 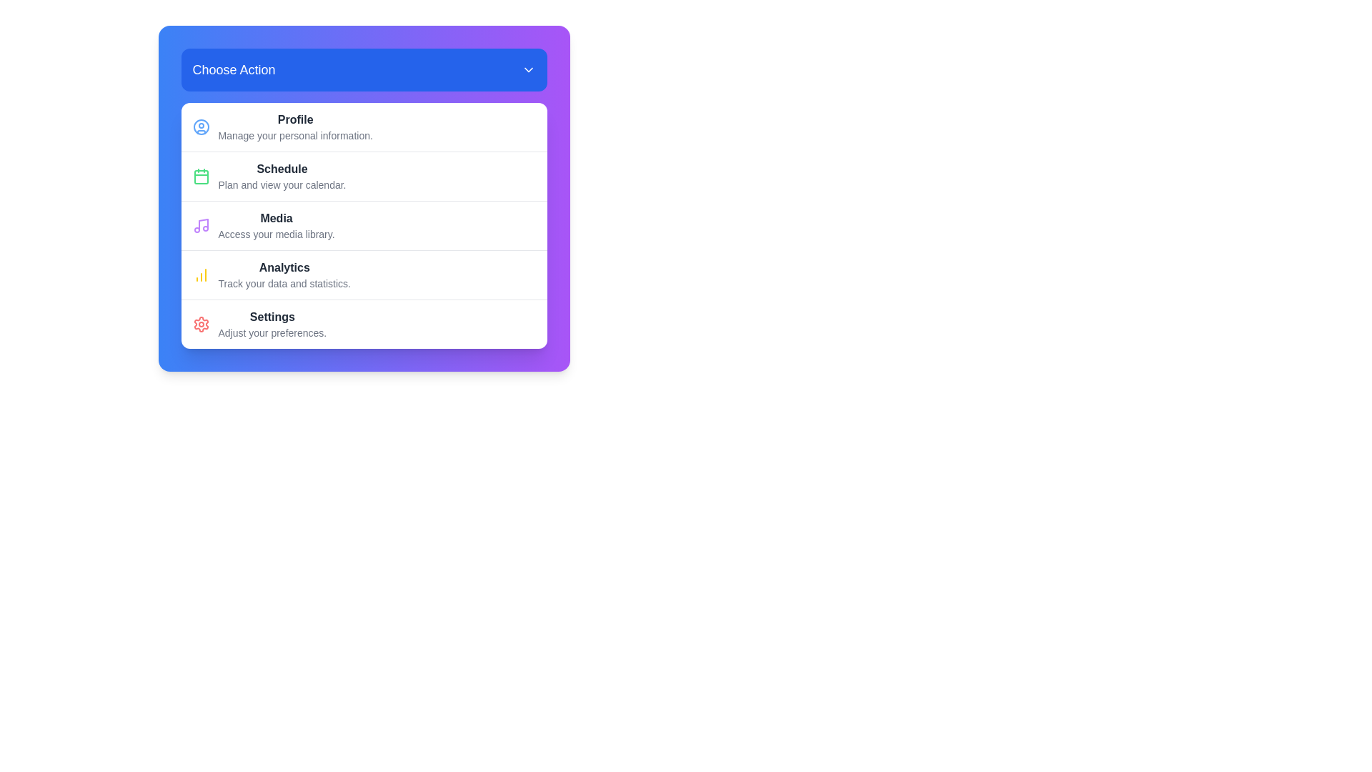 What do you see at coordinates (200, 325) in the screenshot?
I see `the gear icon representing settings, which is red and located next to the 'Settings' text in the menu` at bounding box center [200, 325].